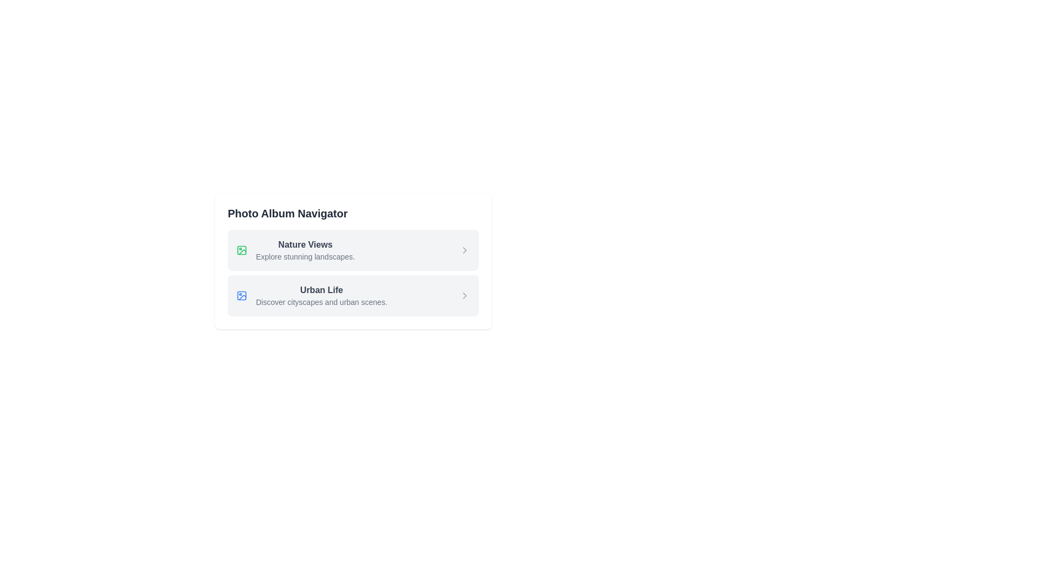 The image size is (1039, 584). Describe the element at coordinates (321, 296) in the screenshot. I see `the second navigation option titled 'Photo Album Navigator'` at that location.